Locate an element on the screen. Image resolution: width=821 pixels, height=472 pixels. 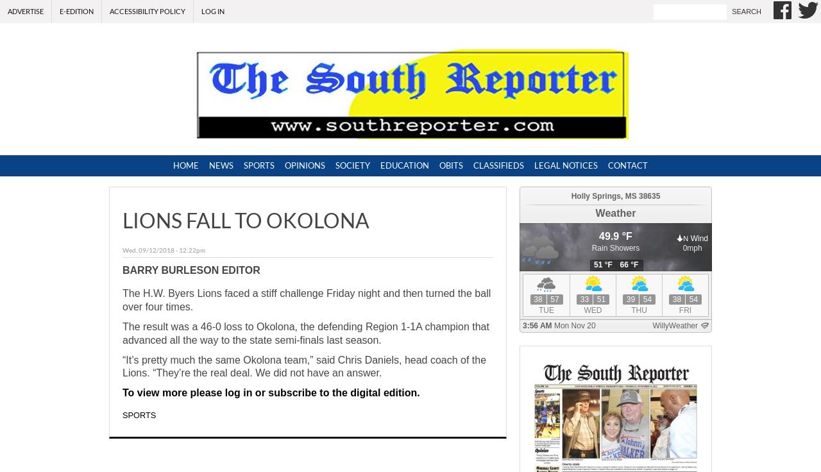
'Advertise' is located at coordinates (25, 10).